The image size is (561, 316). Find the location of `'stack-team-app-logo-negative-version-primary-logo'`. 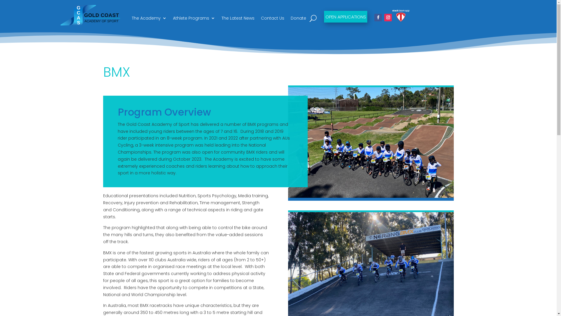

'stack-team-app-logo-negative-version-primary-logo' is located at coordinates (401, 15).